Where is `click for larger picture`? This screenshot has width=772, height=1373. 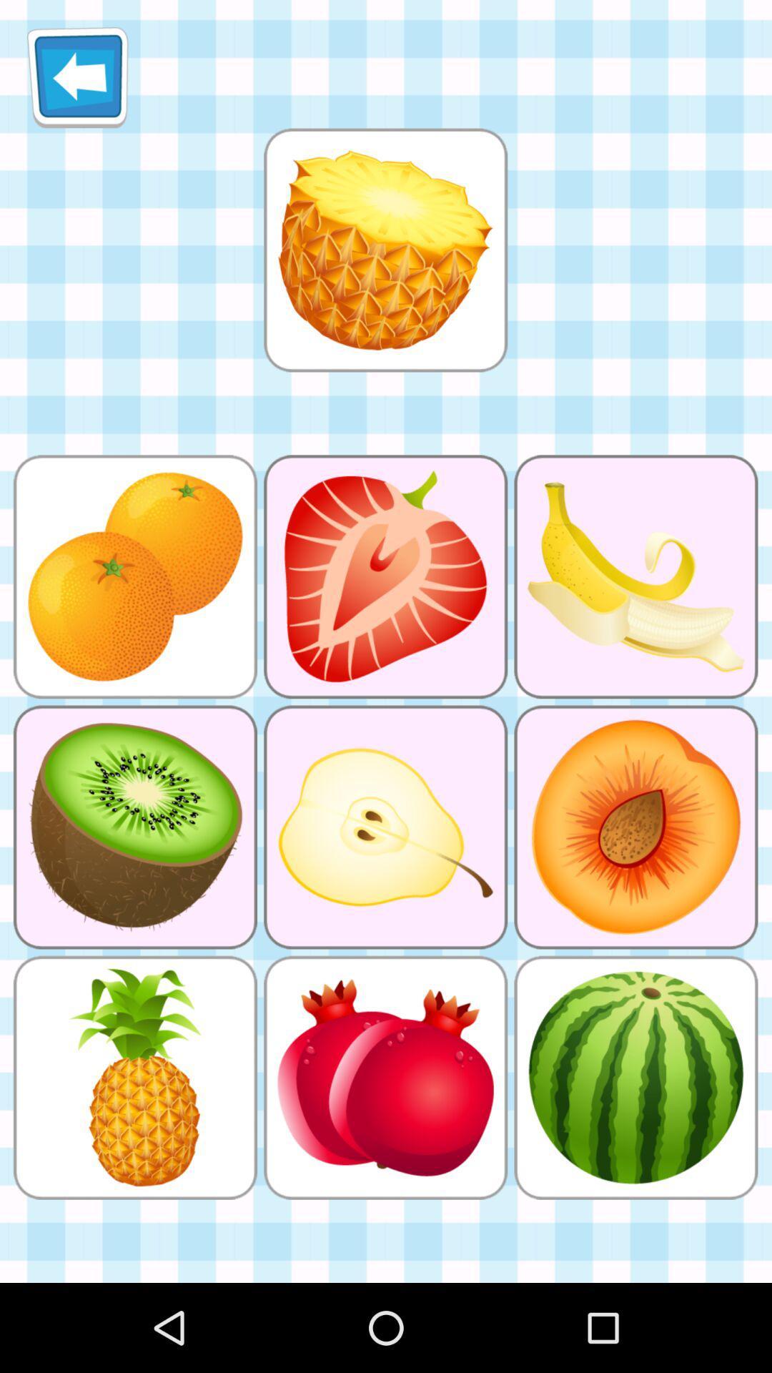 click for larger picture is located at coordinates (385, 250).